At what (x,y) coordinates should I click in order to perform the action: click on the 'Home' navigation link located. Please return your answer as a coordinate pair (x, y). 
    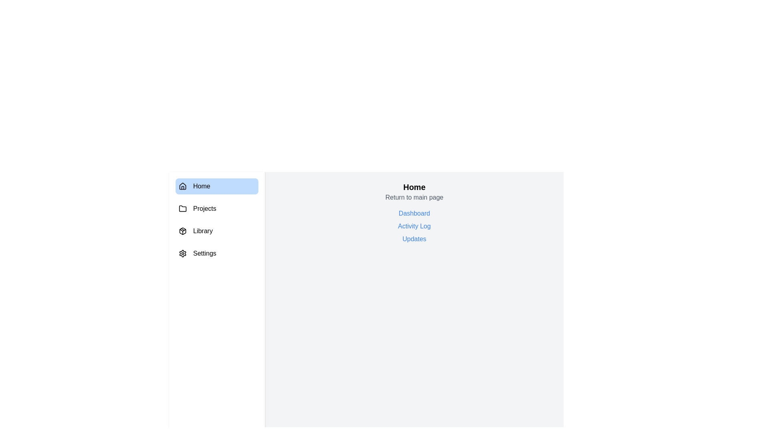
    Looking at the image, I should click on (217, 186).